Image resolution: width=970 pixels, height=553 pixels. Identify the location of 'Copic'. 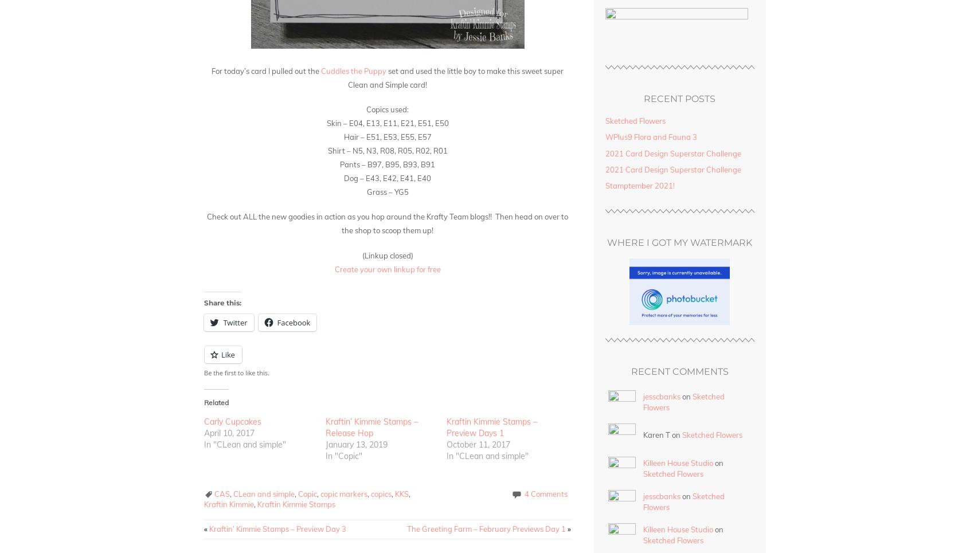
(307, 493).